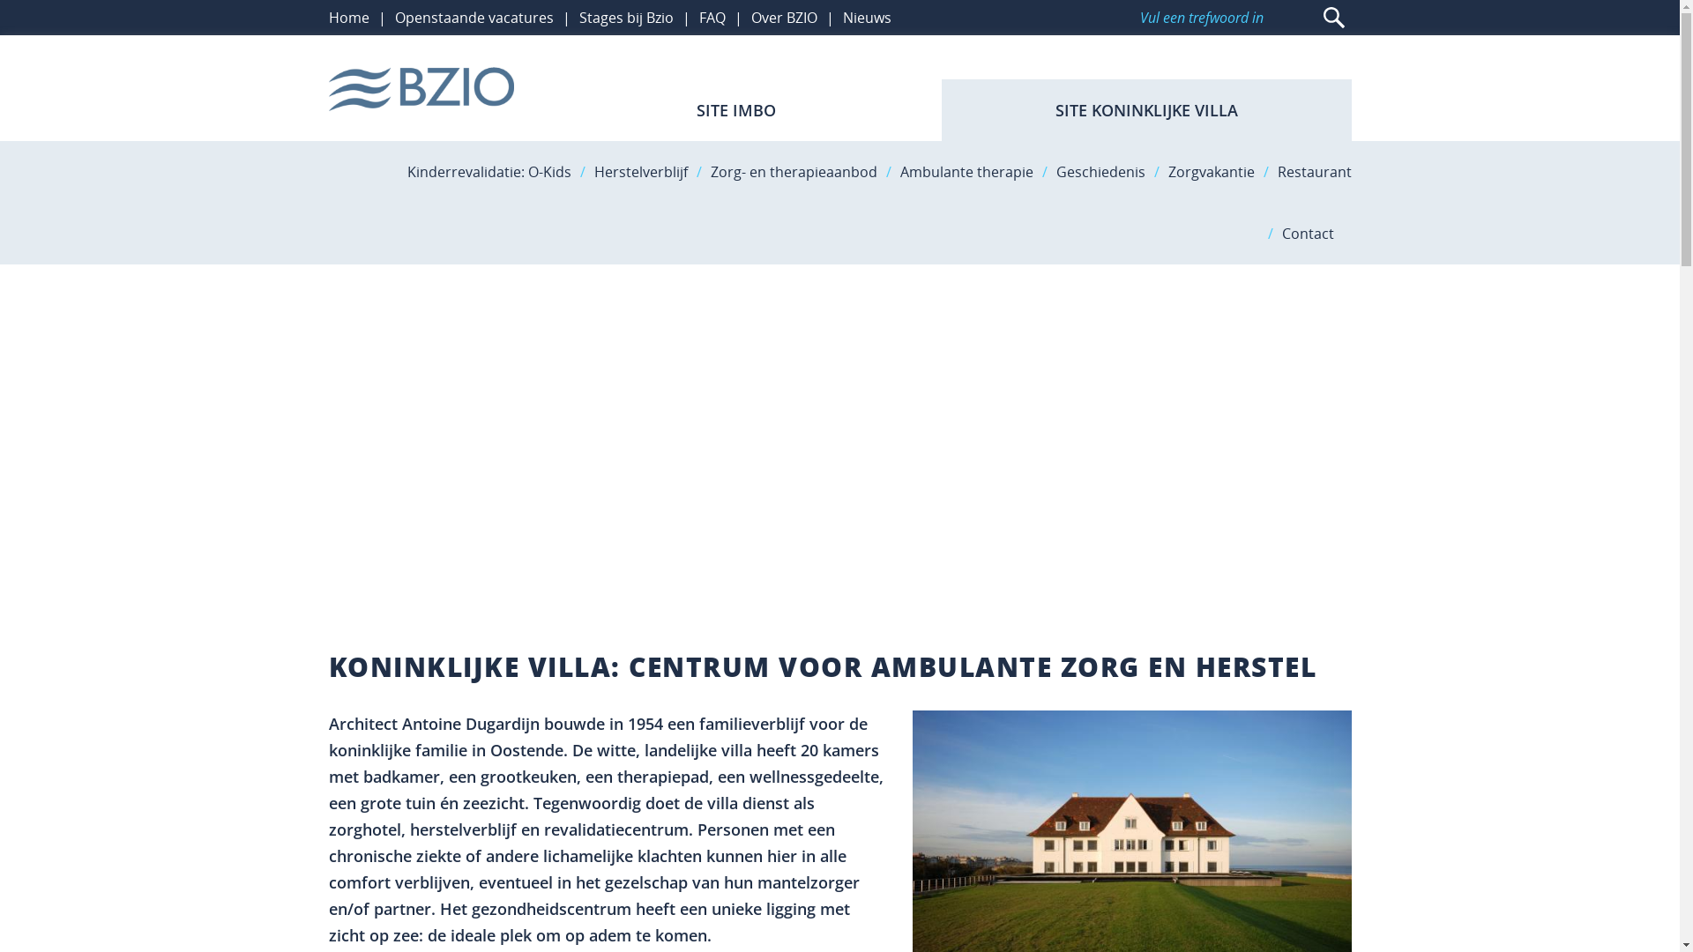 The width and height of the screenshot is (1693, 952). Describe the element at coordinates (867, 17) in the screenshot. I see `'Nieuws'` at that location.